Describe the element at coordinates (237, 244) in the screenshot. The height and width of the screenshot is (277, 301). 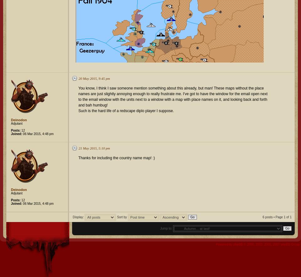
I see `'phpBB'` at that location.